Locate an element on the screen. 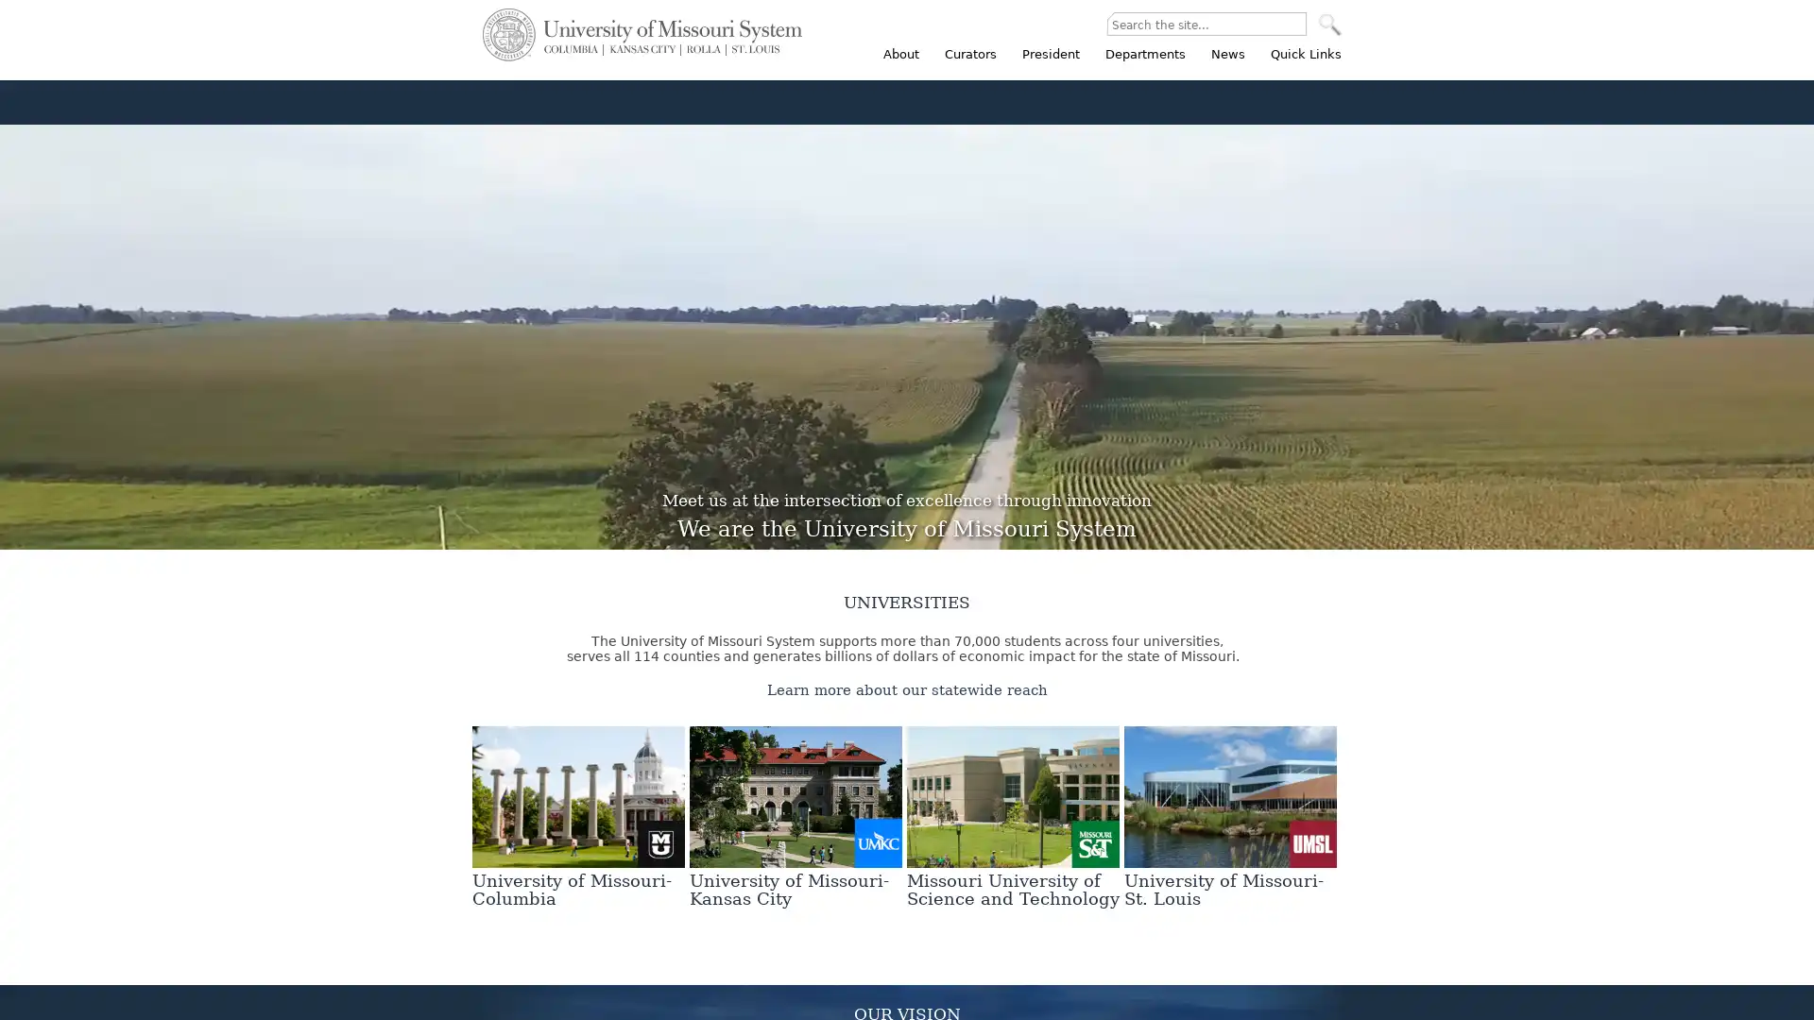  SEARCH is located at coordinates (1328, 25).